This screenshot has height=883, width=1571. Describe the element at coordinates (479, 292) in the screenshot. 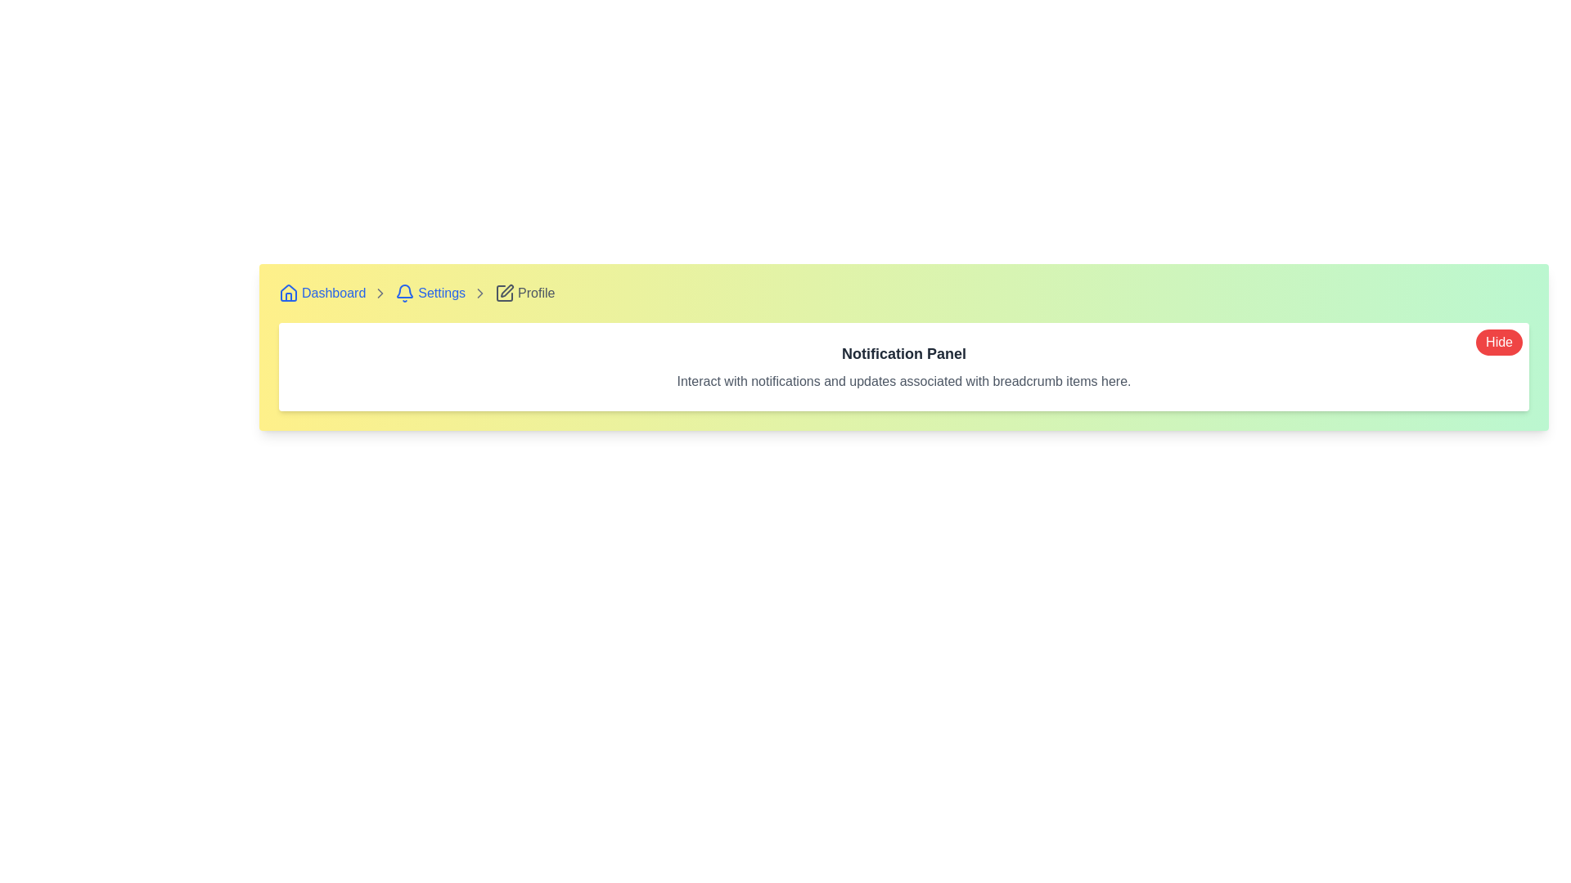

I see `the gray right-pointing chevron icon located between 'Settings' and 'Profile' in the breadcrumb navigation bar at the top-right of the page` at that location.